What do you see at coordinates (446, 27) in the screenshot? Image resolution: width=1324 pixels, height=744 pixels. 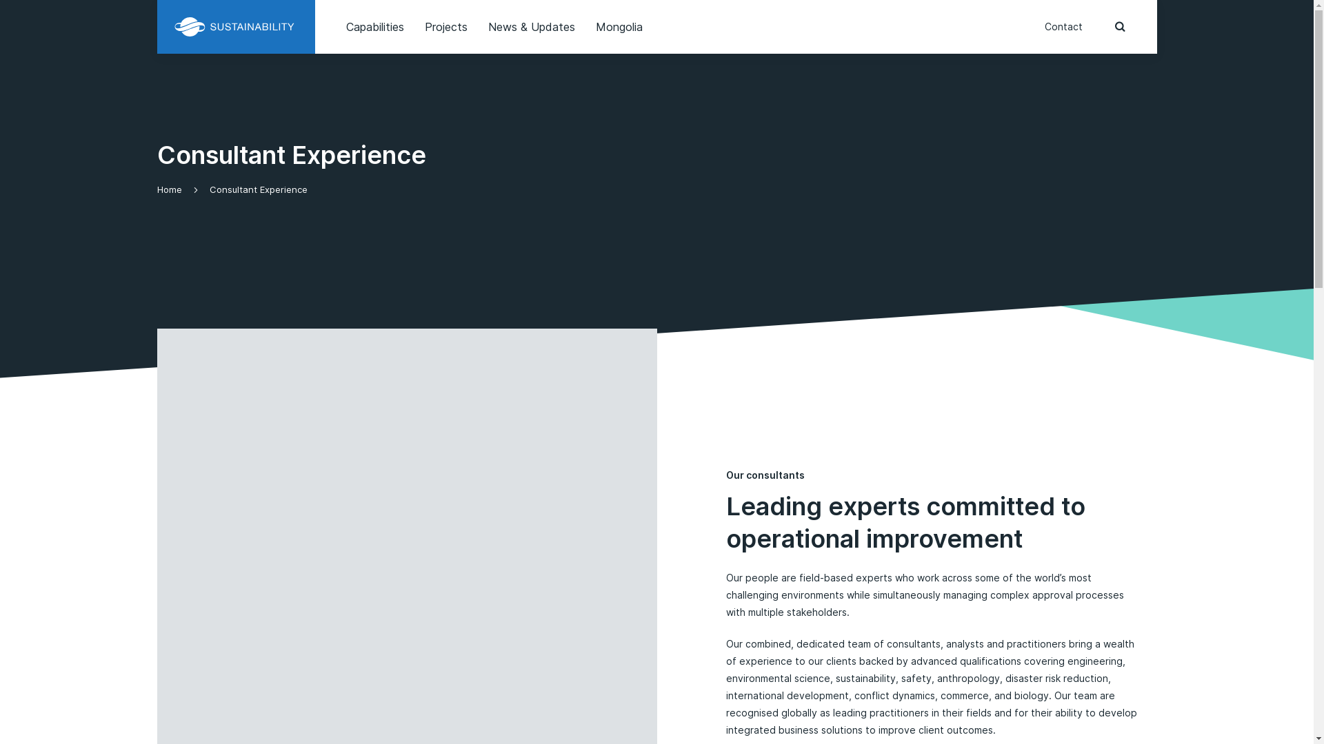 I see `'Projects'` at bounding box center [446, 27].